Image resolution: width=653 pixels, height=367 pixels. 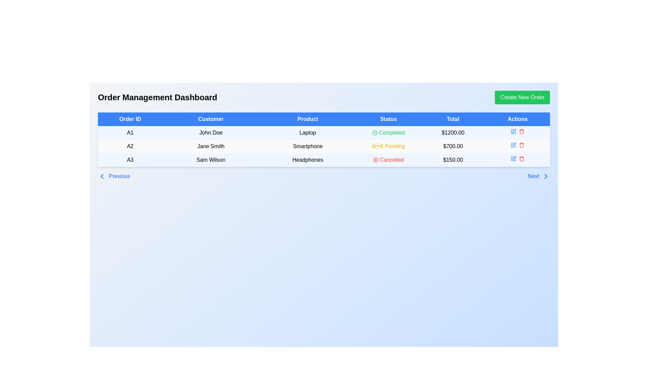 I want to click on the 'Customer' table header, which is the second column header with a blue background and white text, located between 'Order ID' and 'Product', so click(x=211, y=119).